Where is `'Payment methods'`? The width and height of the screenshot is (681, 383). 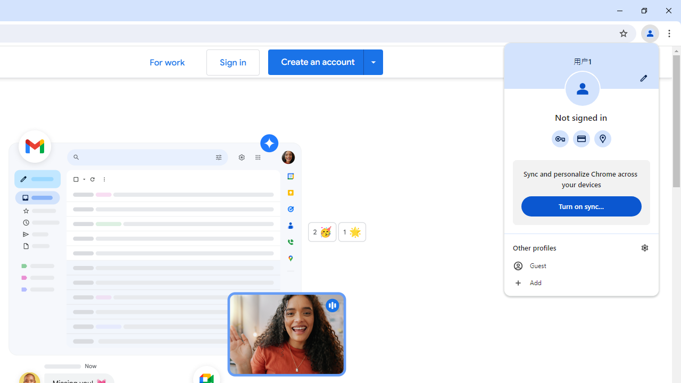 'Payment methods' is located at coordinates (580, 138).